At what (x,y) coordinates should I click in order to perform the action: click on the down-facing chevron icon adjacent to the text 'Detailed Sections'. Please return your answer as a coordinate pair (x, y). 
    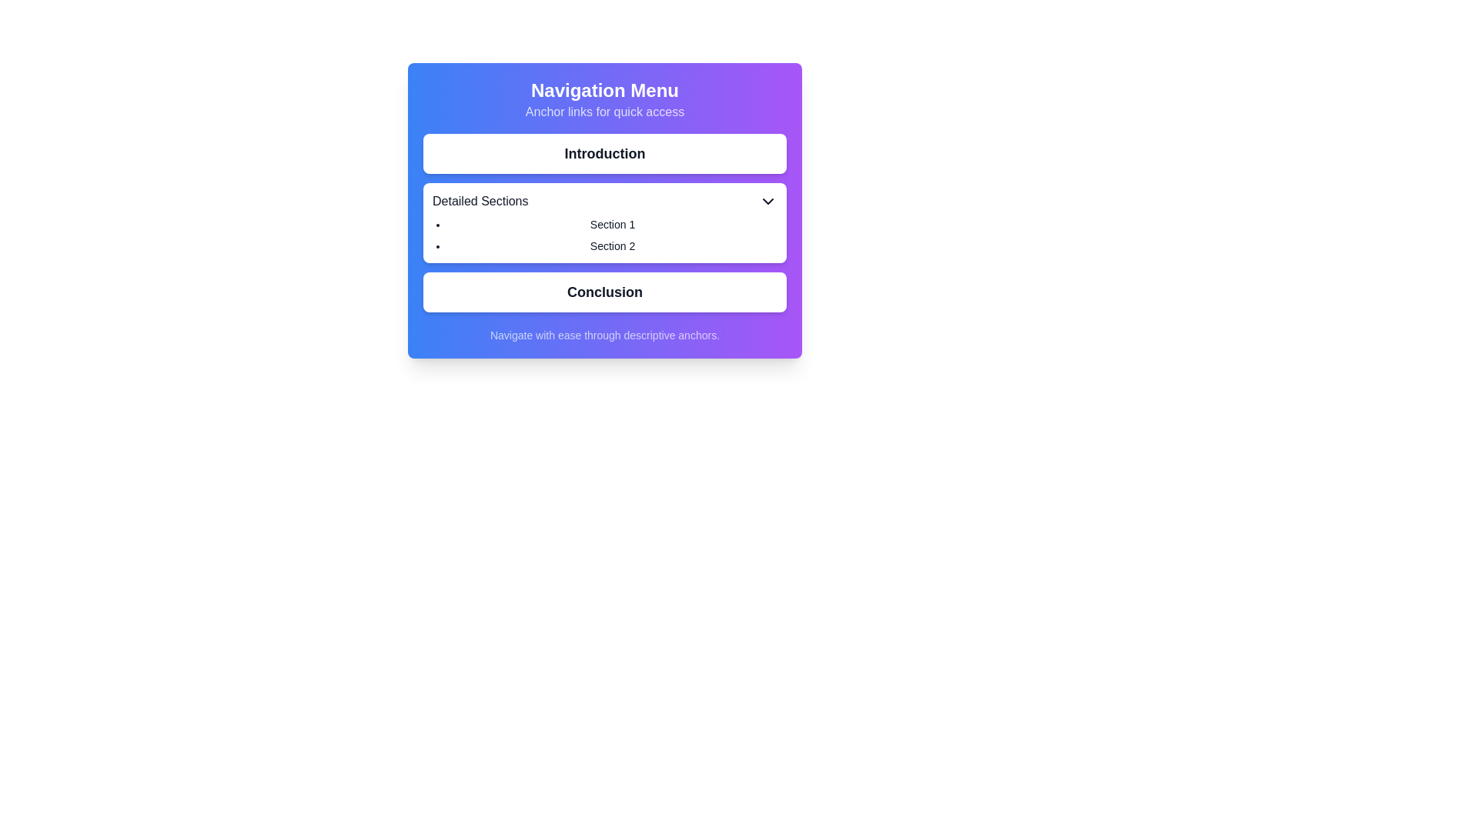
    Looking at the image, I should click on (768, 201).